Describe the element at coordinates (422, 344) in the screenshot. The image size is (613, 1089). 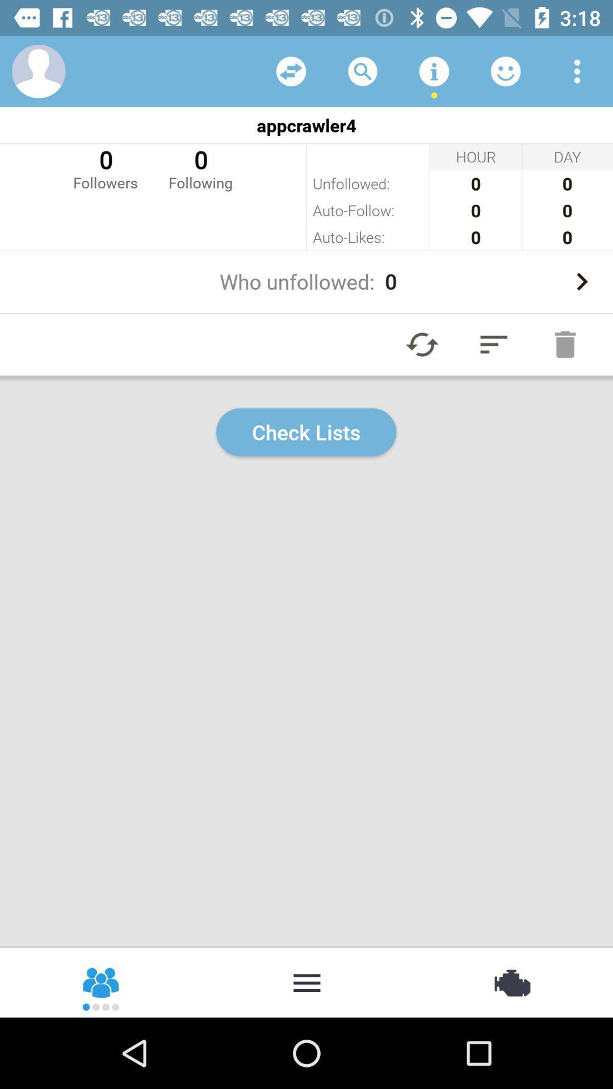
I see `the refresh icon` at that location.